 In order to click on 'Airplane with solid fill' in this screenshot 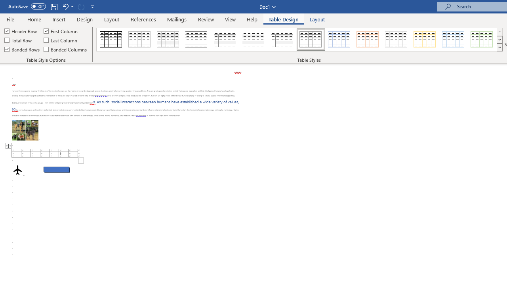, I will do `click(17, 169)`.